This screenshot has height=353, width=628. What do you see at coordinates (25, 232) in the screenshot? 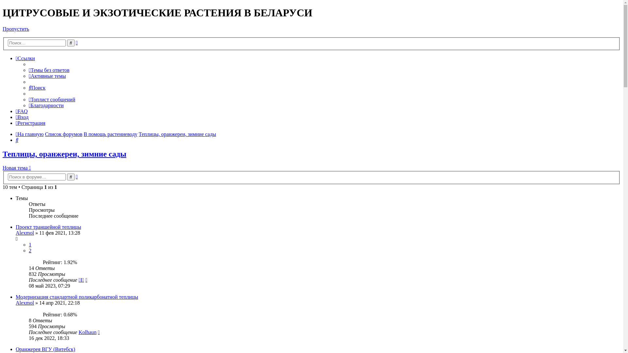
I see `'Alexmol'` at bounding box center [25, 232].